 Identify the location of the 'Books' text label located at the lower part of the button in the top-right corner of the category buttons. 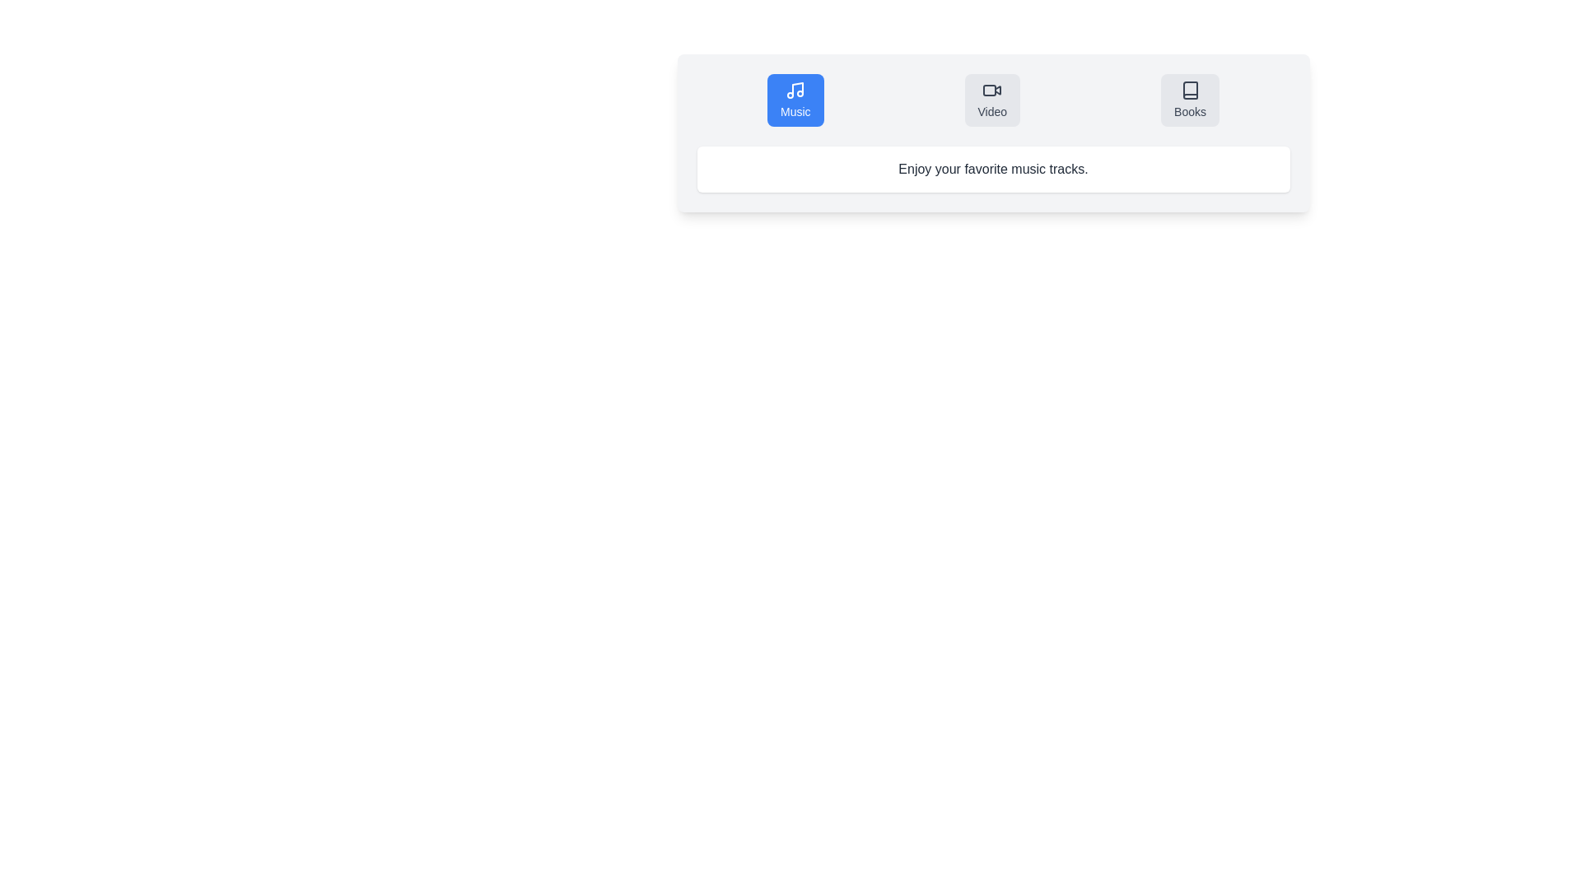
(1190, 111).